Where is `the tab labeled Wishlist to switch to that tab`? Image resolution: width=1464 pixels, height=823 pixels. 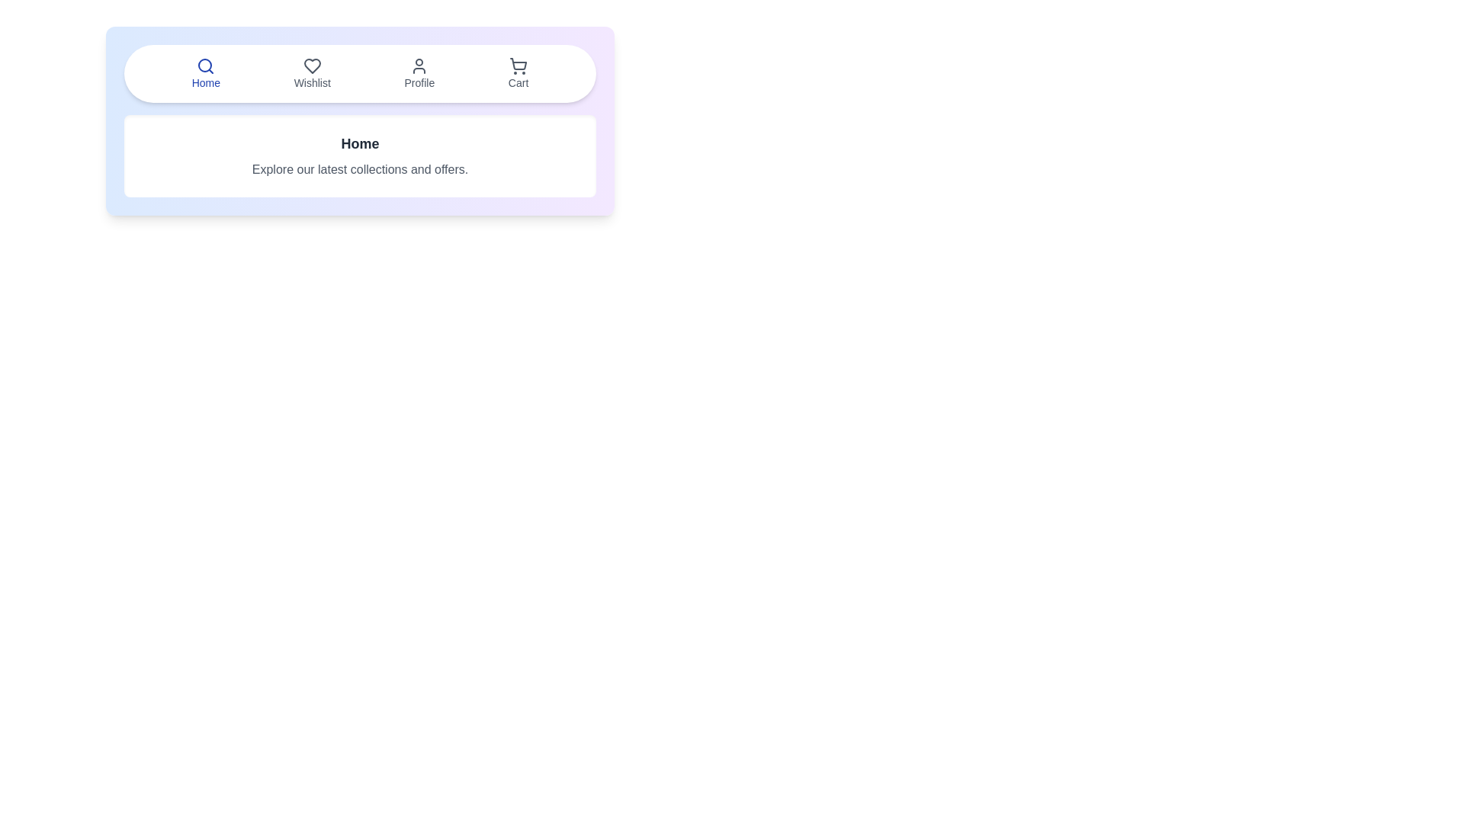 the tab labeled Wishlist to switch to that tab is located at coordinates (311, 73).